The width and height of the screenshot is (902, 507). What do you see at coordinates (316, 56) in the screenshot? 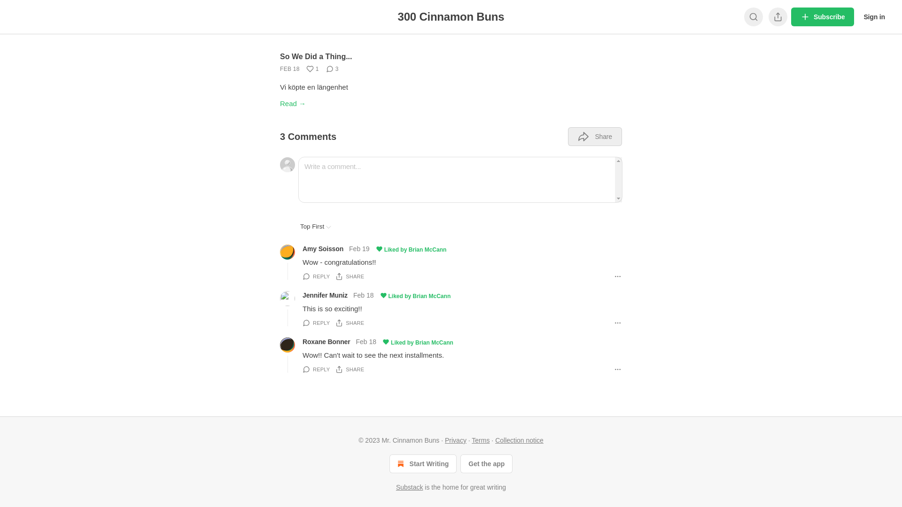
I see `'So We Did a Thing...'` at bounding box center [316, 56].